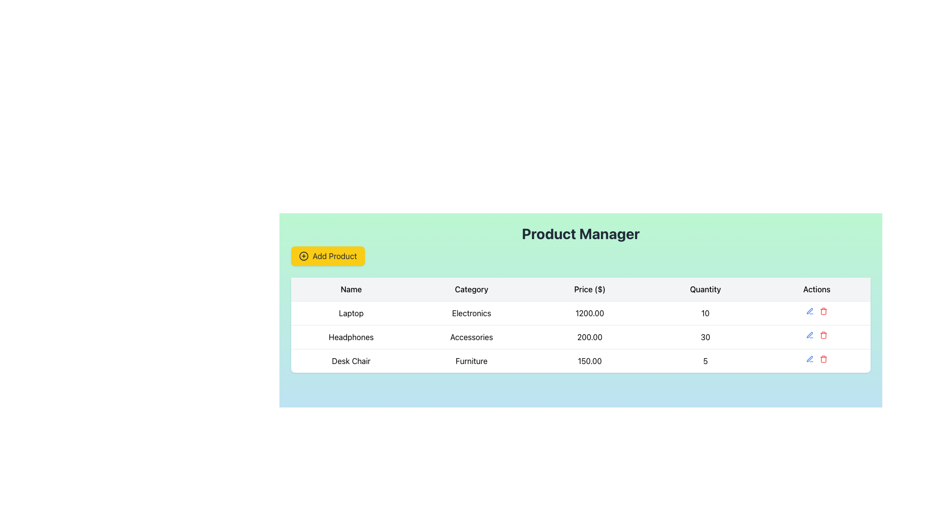  Describe the element at coordinates (471, 289) in the screenshot. I see `the 'Category' column header in the table, which is the second column header located between 'Name' and 'Price ($)' in the top header row` at that location.